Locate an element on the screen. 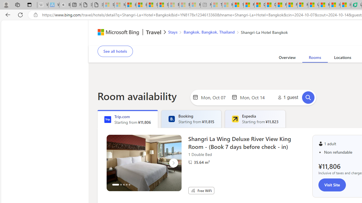 This screenshot has width=362, height=203. 'AutomationID: bread-crumb-root' is located at coordinates (224, 33).